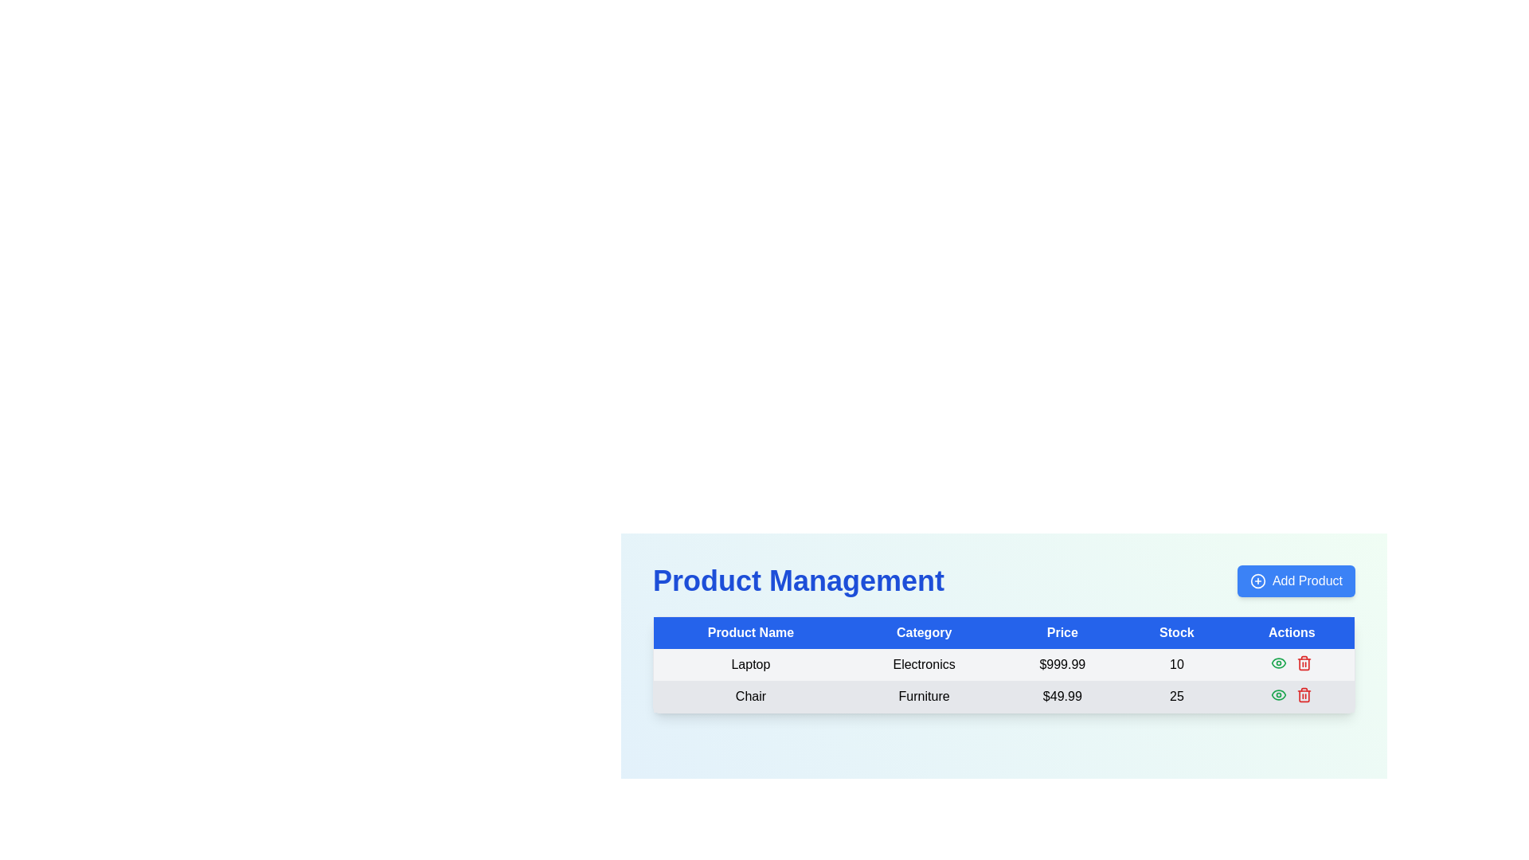 The height and width of the screenshot is (860, 1529). What do you see at coordinates (1176, 696) in the screenshot?
I see `the static text label displaying the stock quantity of the 'Chair' item located in the fourth column of the second row under the 'Stock' header in the data table` at bounding box center [1176, 696].